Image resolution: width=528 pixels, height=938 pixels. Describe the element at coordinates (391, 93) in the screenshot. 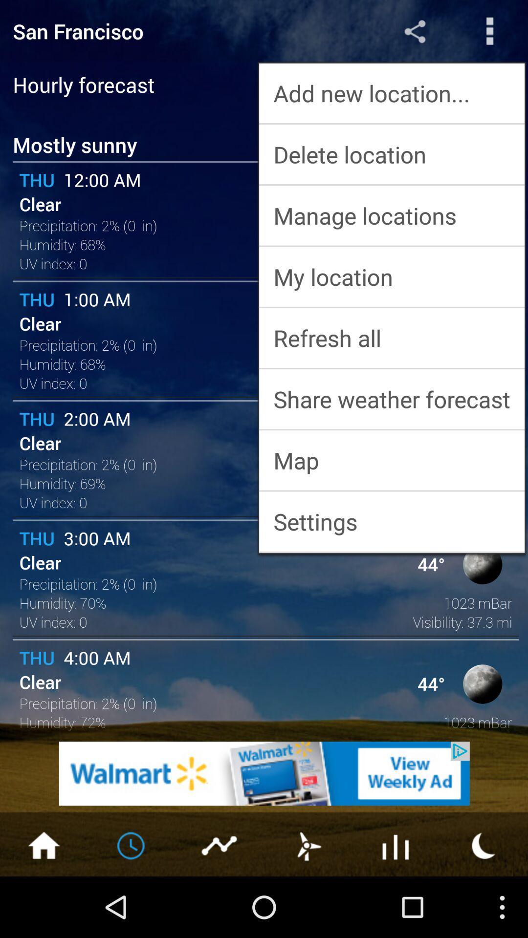

I see `the add new location... icon` at that location.